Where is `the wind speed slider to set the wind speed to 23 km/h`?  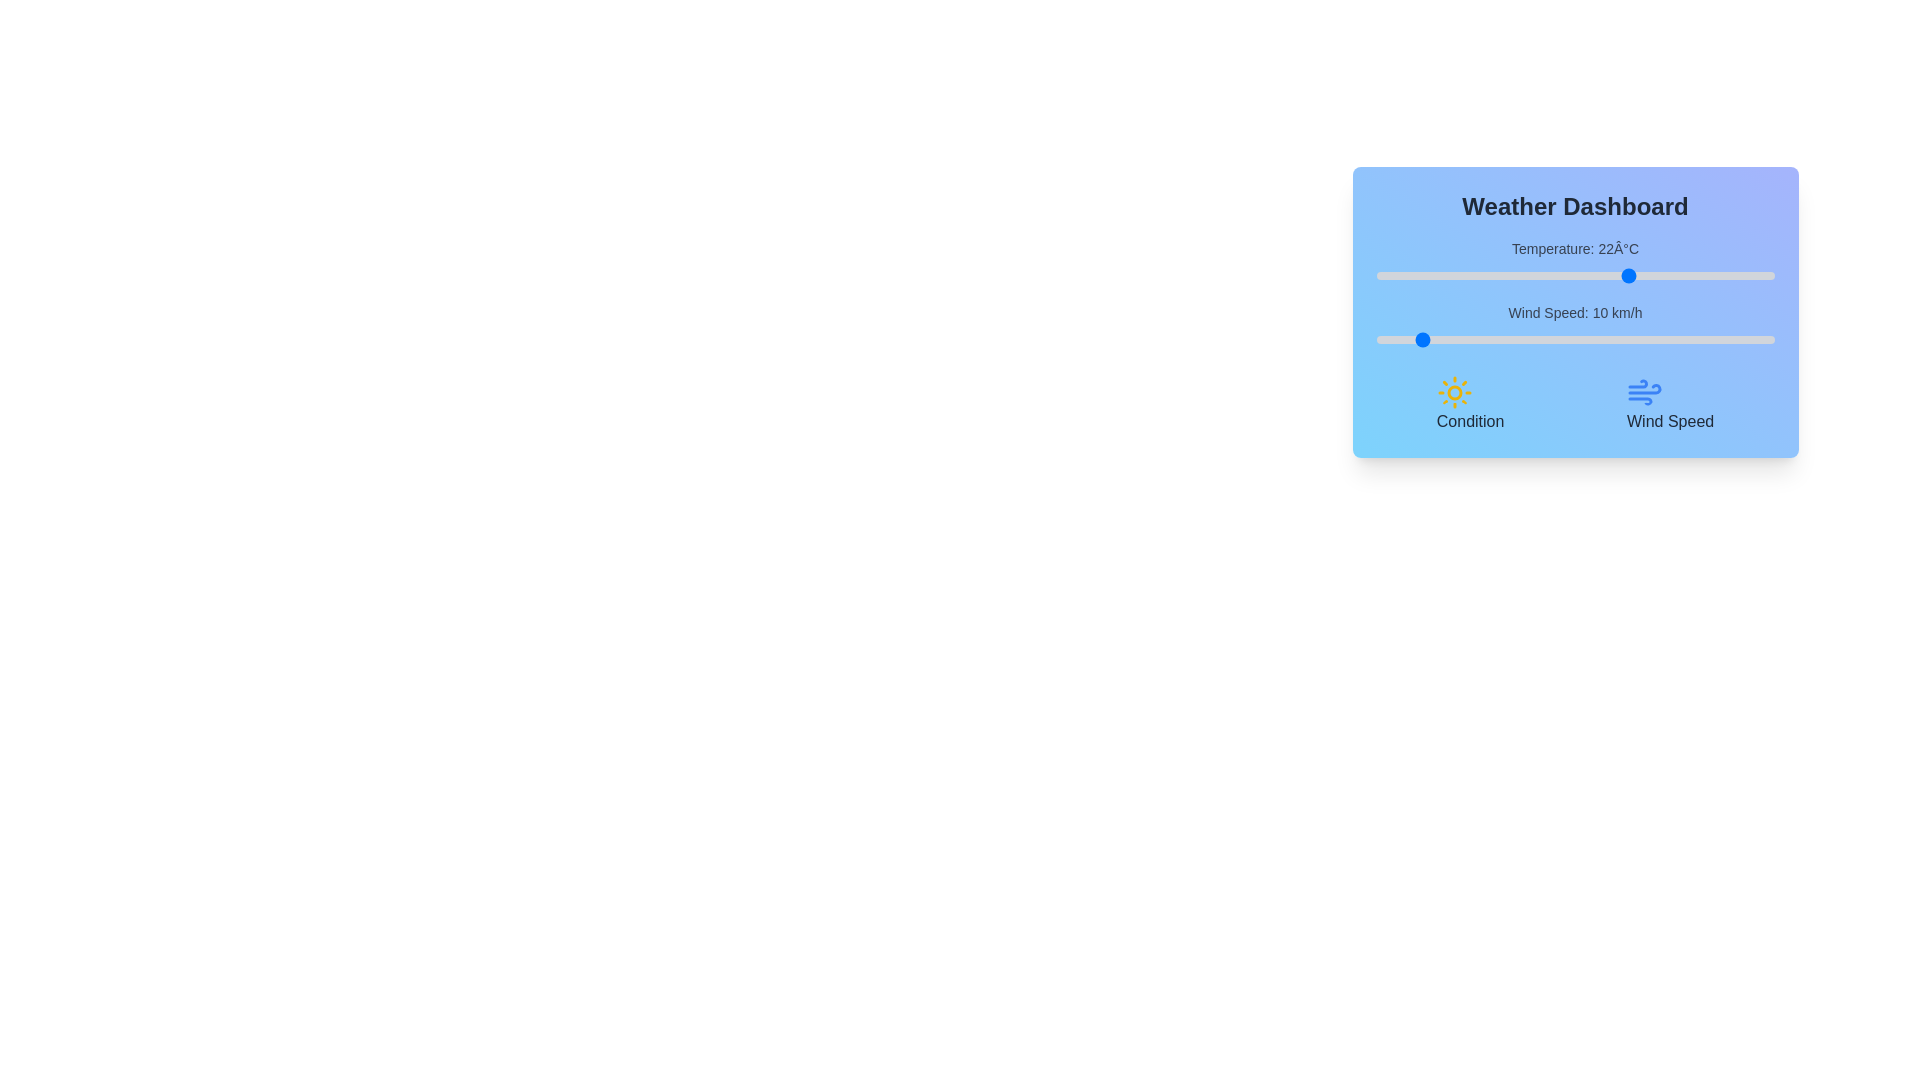 the wind speed slider to set the wind speed to 23 km/h is located at coordinates (1467, 338).